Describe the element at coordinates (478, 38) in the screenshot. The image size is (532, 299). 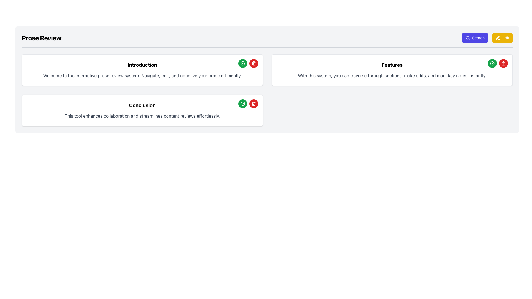
I see `on the 'Search' text label within the button in the upper-right corner` at that location.